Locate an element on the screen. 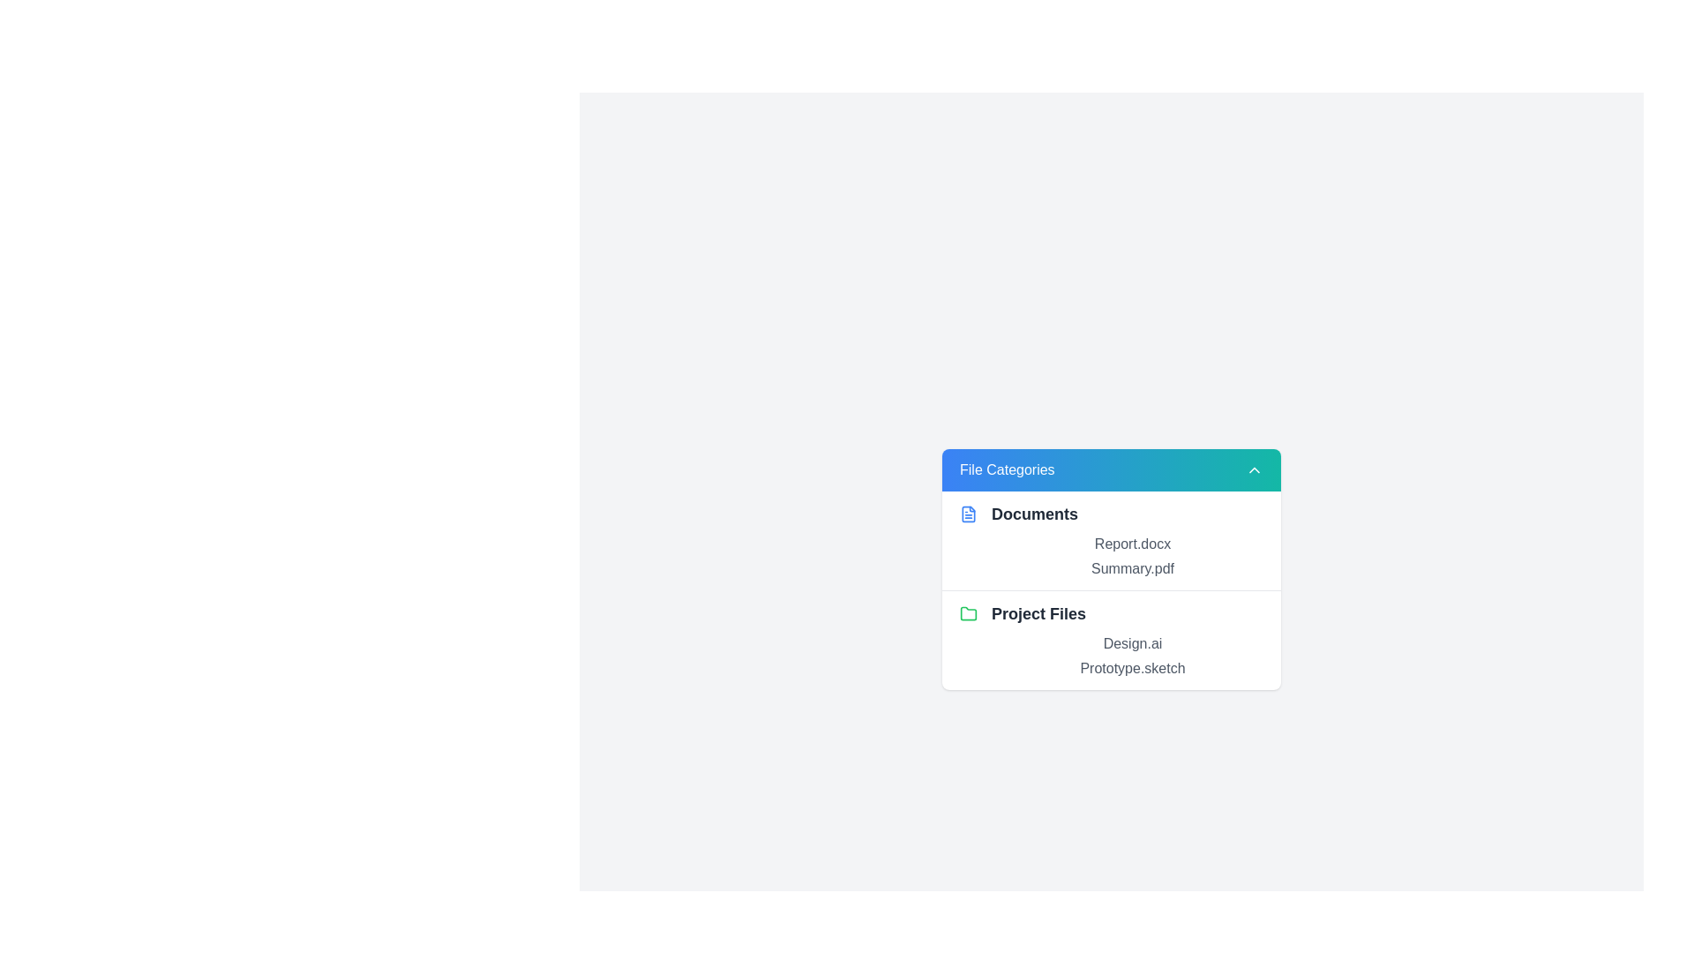 Image resolution: width=1694 pixels, height=953 pixels. the text label that reads 'Summary.pdf', which is styled in gray and turns blue when hovered over, to view context-specific options is located at coordinates (1132, 568).